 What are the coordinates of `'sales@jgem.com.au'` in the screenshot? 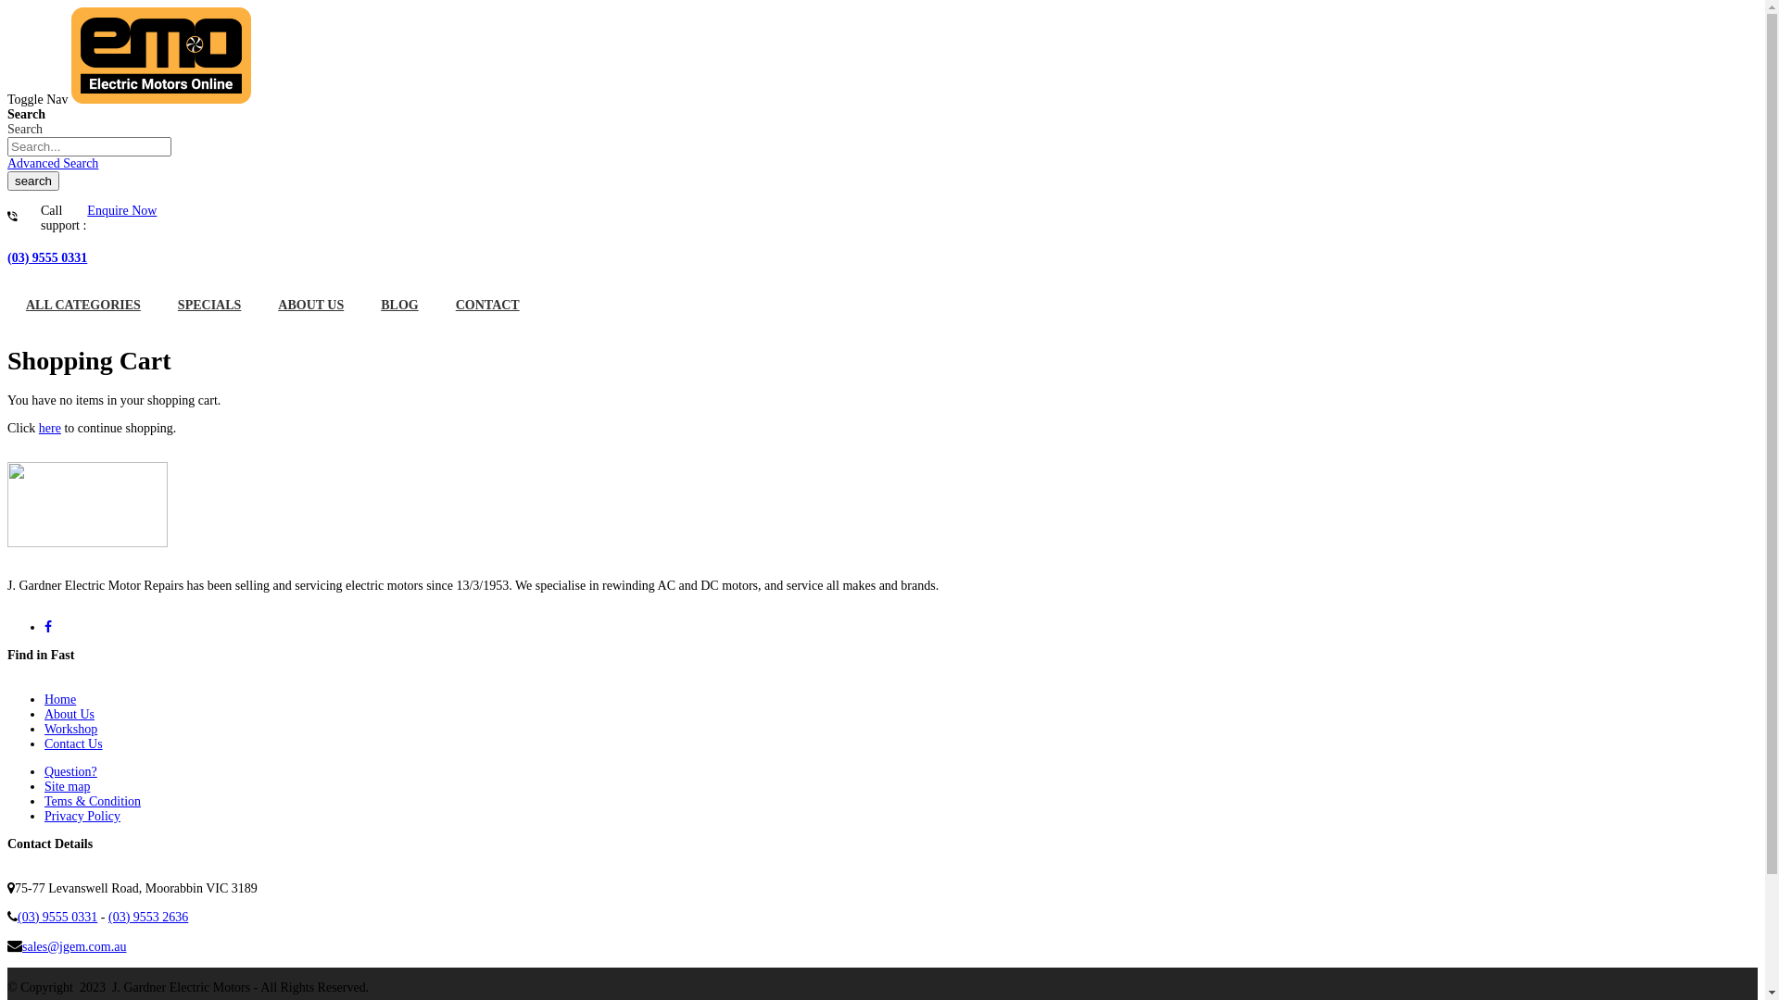 It's located at (22, 946).